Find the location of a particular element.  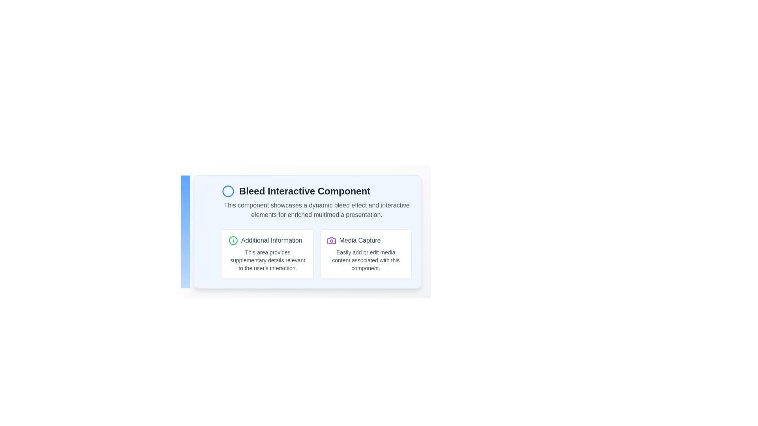

the text snippet reading 'Easily add or edit media content associated with this component.' located in the lower section of the 'Media Capture' panel is located at coordinates (365, 260).